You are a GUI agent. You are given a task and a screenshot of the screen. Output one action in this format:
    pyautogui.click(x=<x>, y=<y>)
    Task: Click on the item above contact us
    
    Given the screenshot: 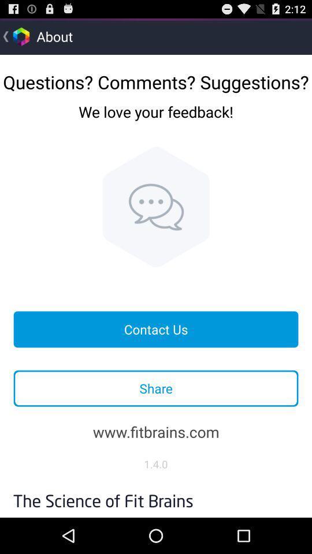 What is the action you would take?
    pyautogui.click(x=156, y=207)
    